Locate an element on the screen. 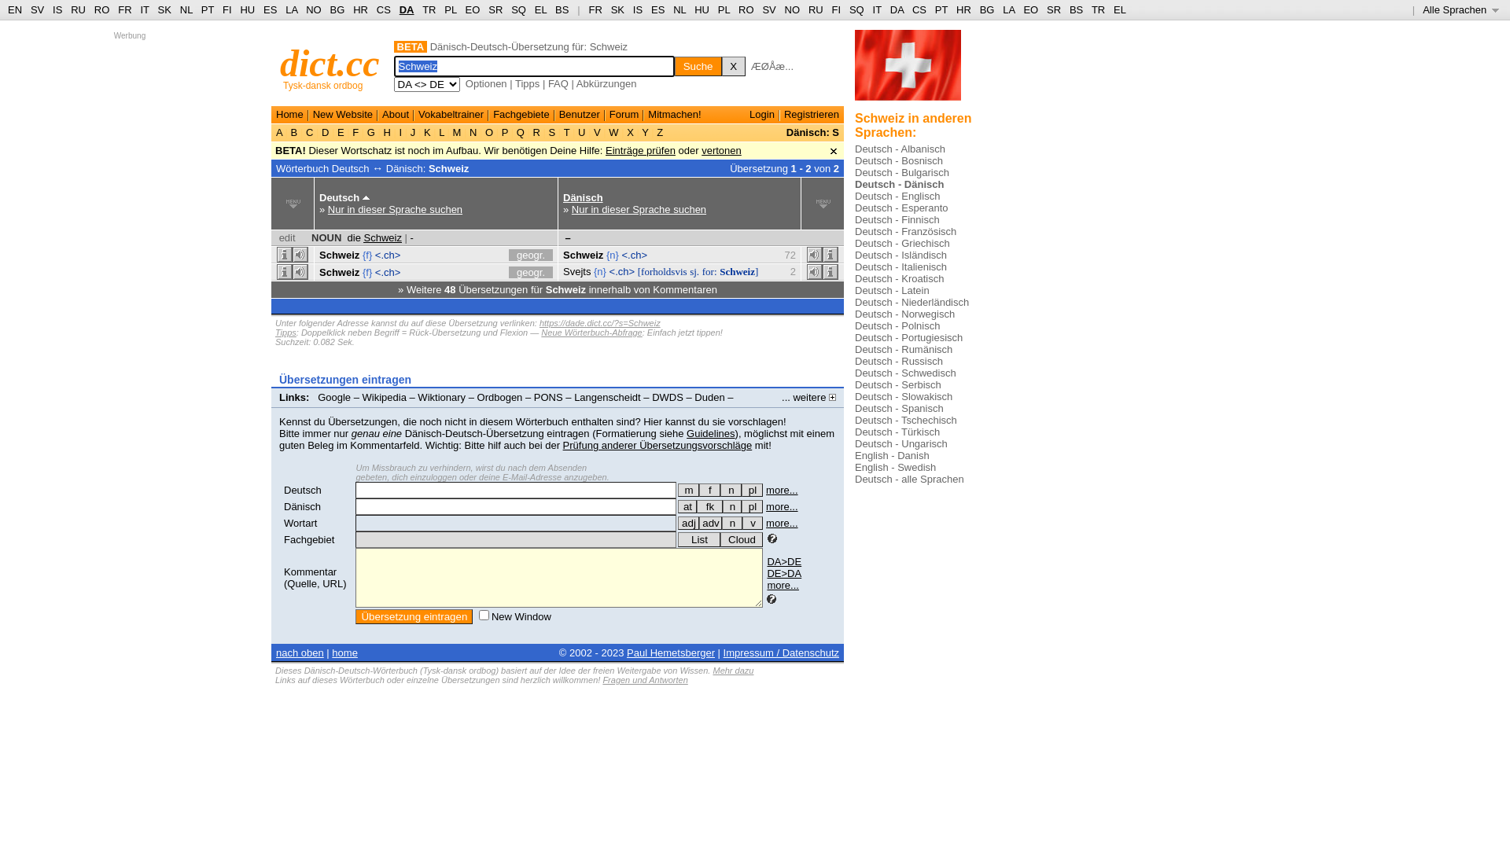  'G' is located at coordinates (370, 131).